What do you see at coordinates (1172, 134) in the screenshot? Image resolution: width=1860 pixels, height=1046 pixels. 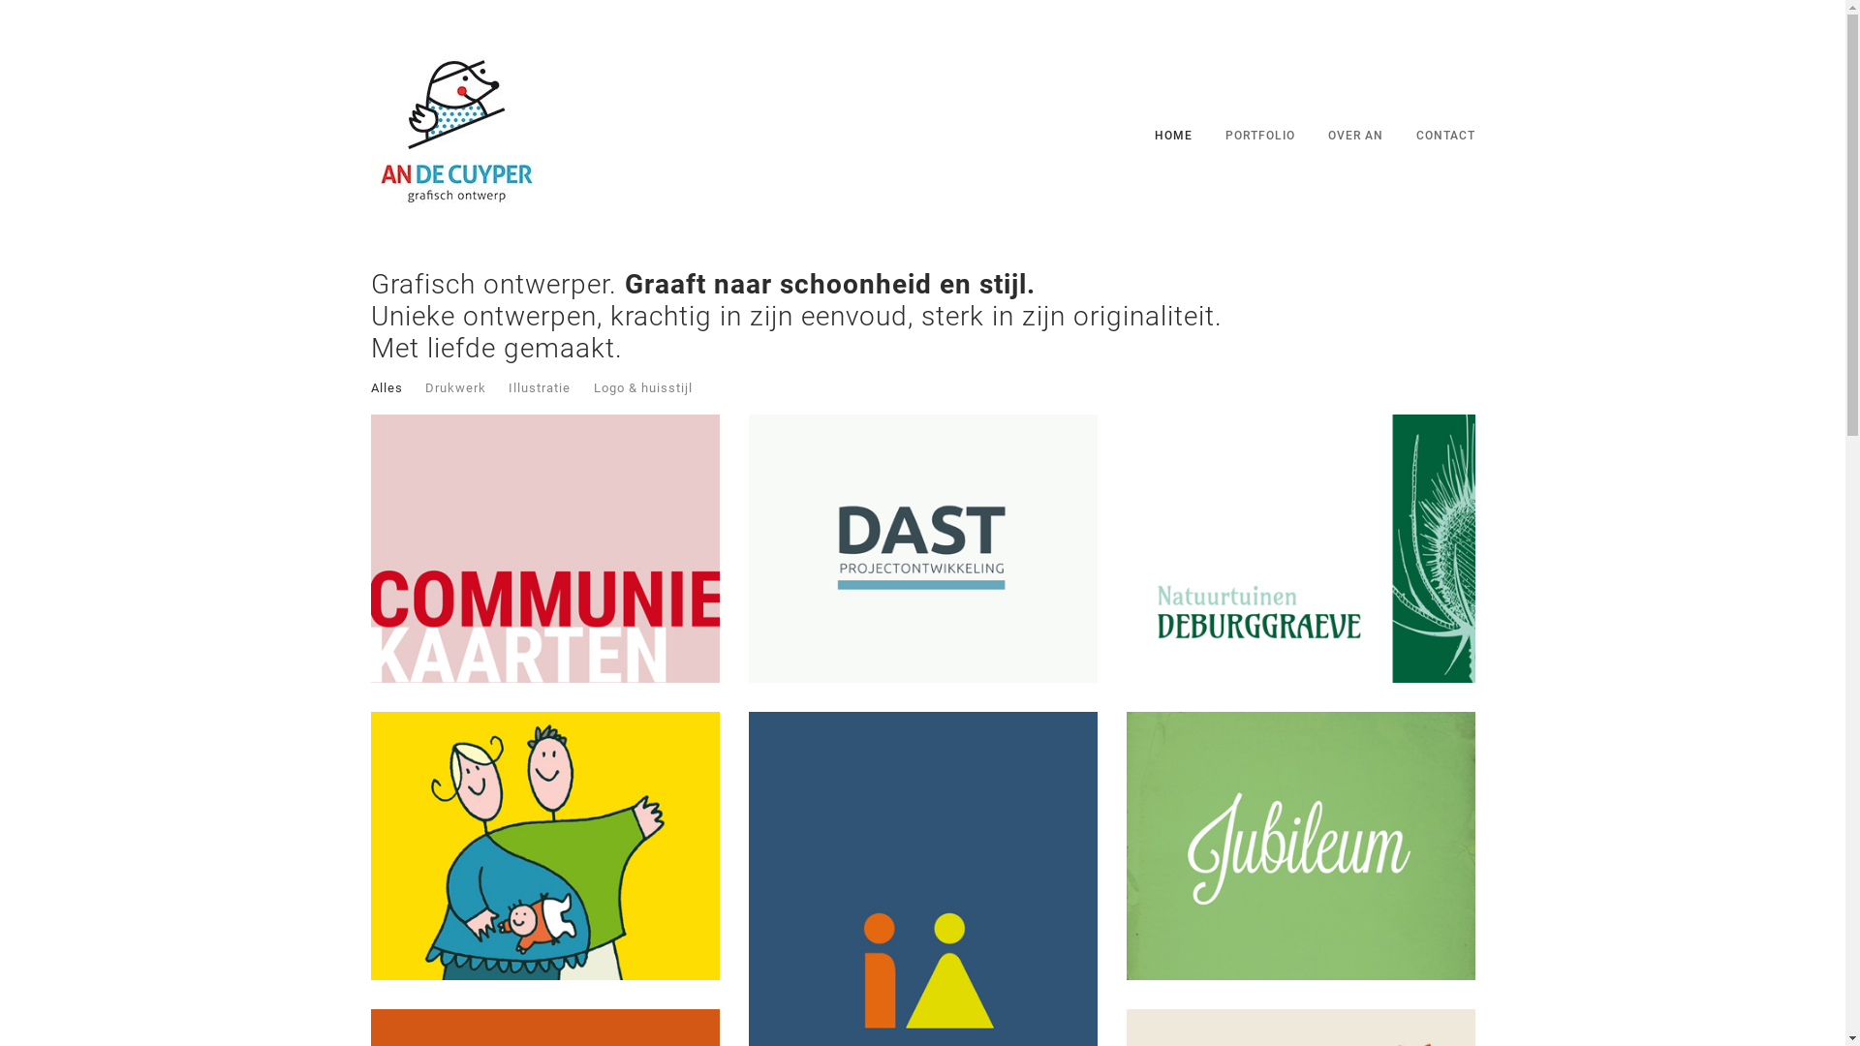 I see `'HOME'` at bounding box center [1172, 134].